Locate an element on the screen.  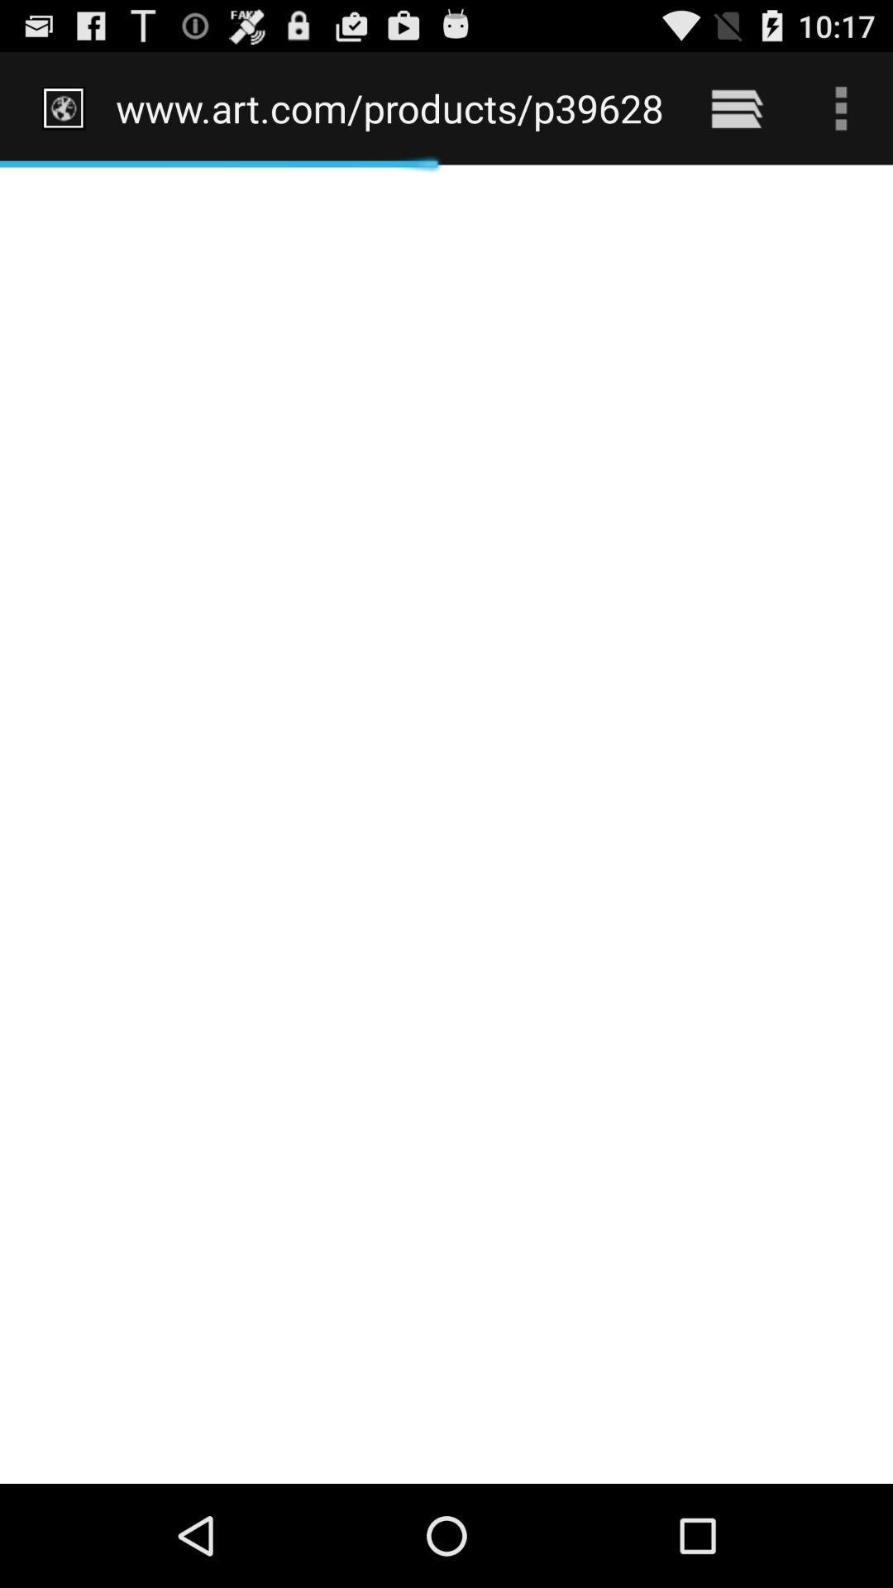
the www art com is located at coordinates (390, 108).